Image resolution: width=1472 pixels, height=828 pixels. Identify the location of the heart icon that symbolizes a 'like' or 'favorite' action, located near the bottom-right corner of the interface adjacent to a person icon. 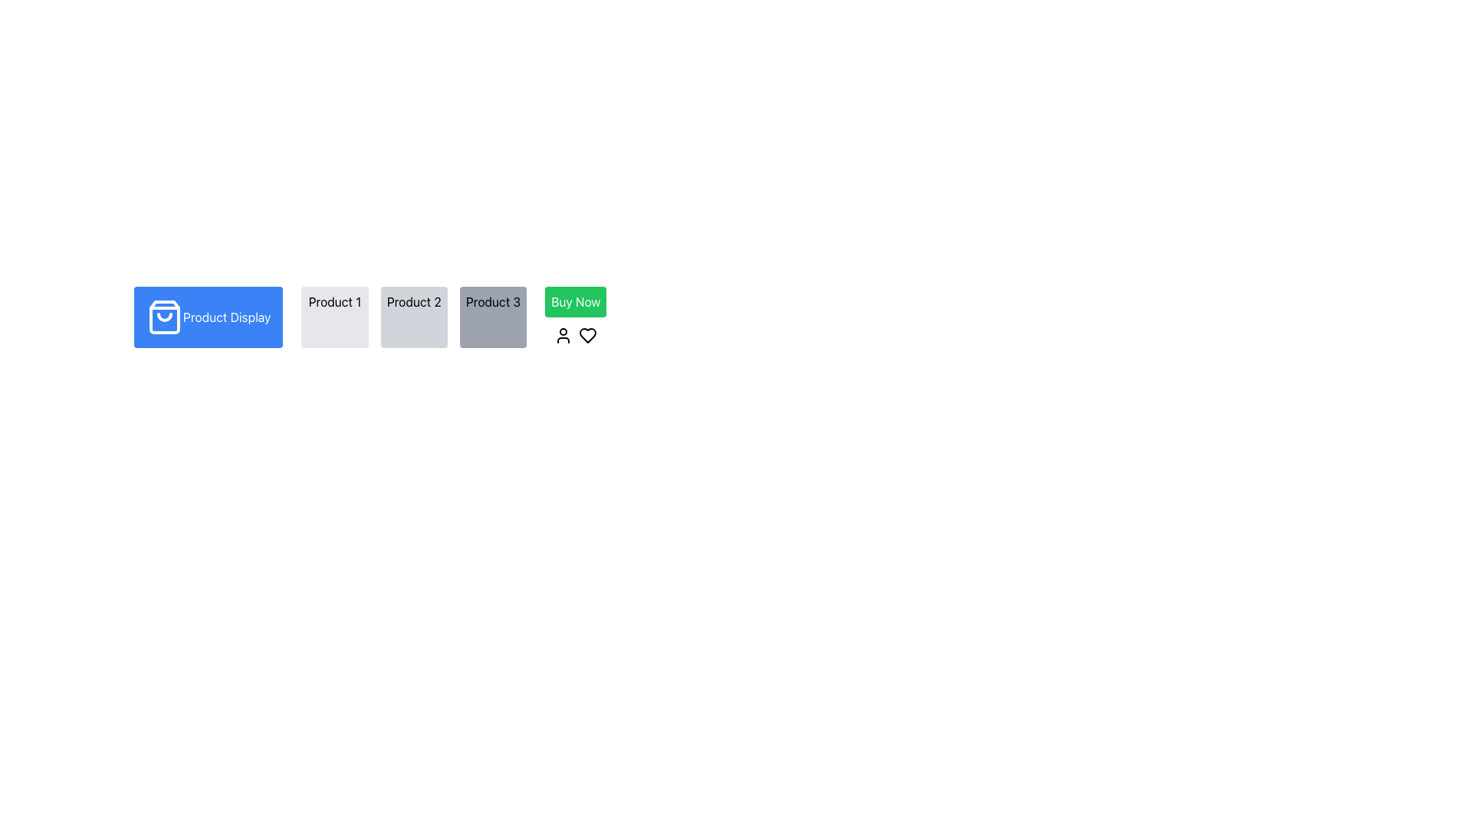
(587, 335).